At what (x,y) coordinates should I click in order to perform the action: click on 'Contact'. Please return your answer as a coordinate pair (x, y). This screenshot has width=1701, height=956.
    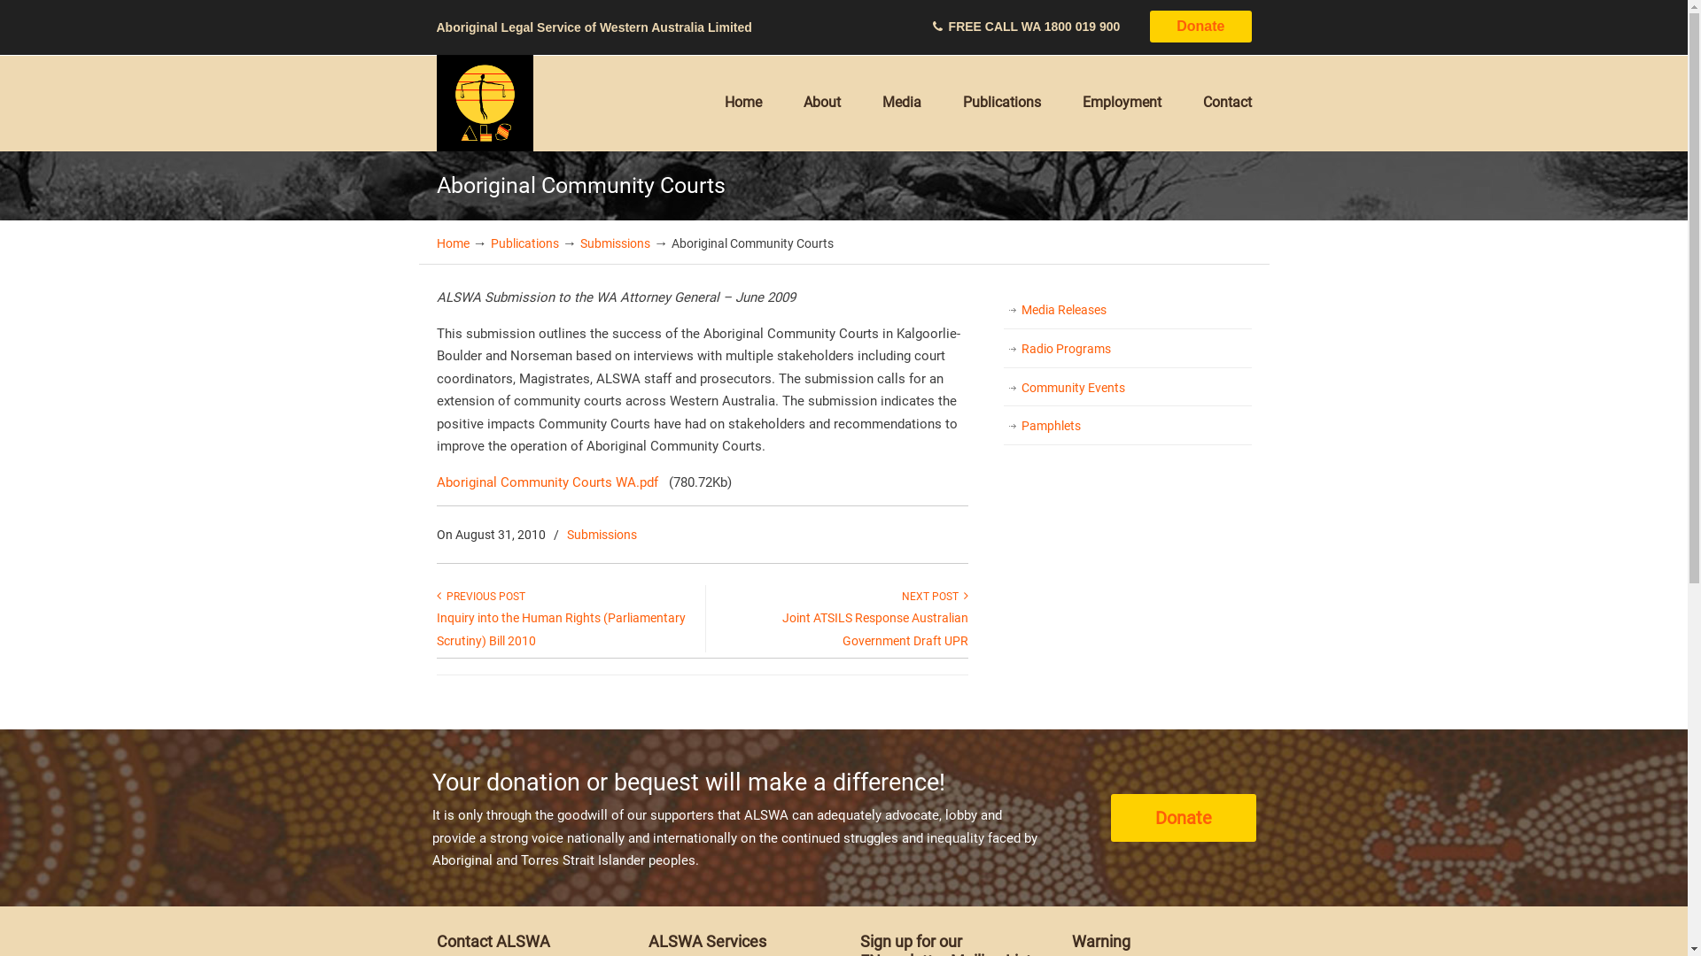
    Looking at the image, I should click on (1226, 102).